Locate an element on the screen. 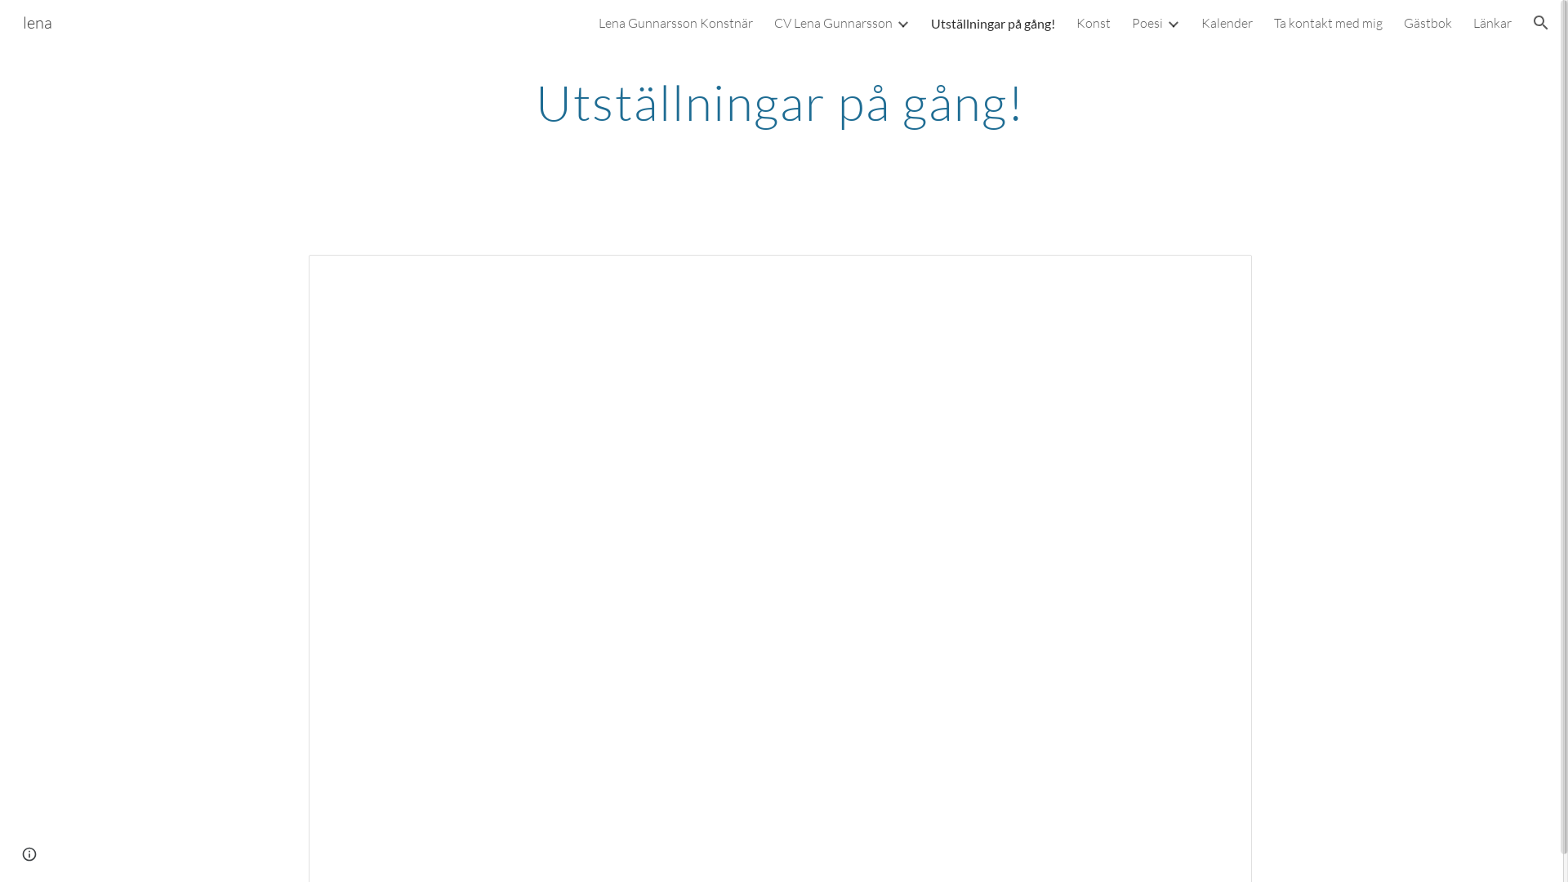 The image size is (1568, 882). 'Konst' is located at coordinates (1076, 22).